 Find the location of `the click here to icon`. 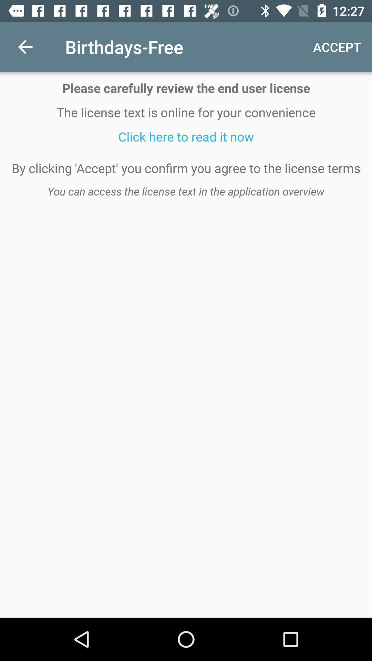

the click here to icon is located at coordinates (186, 136).